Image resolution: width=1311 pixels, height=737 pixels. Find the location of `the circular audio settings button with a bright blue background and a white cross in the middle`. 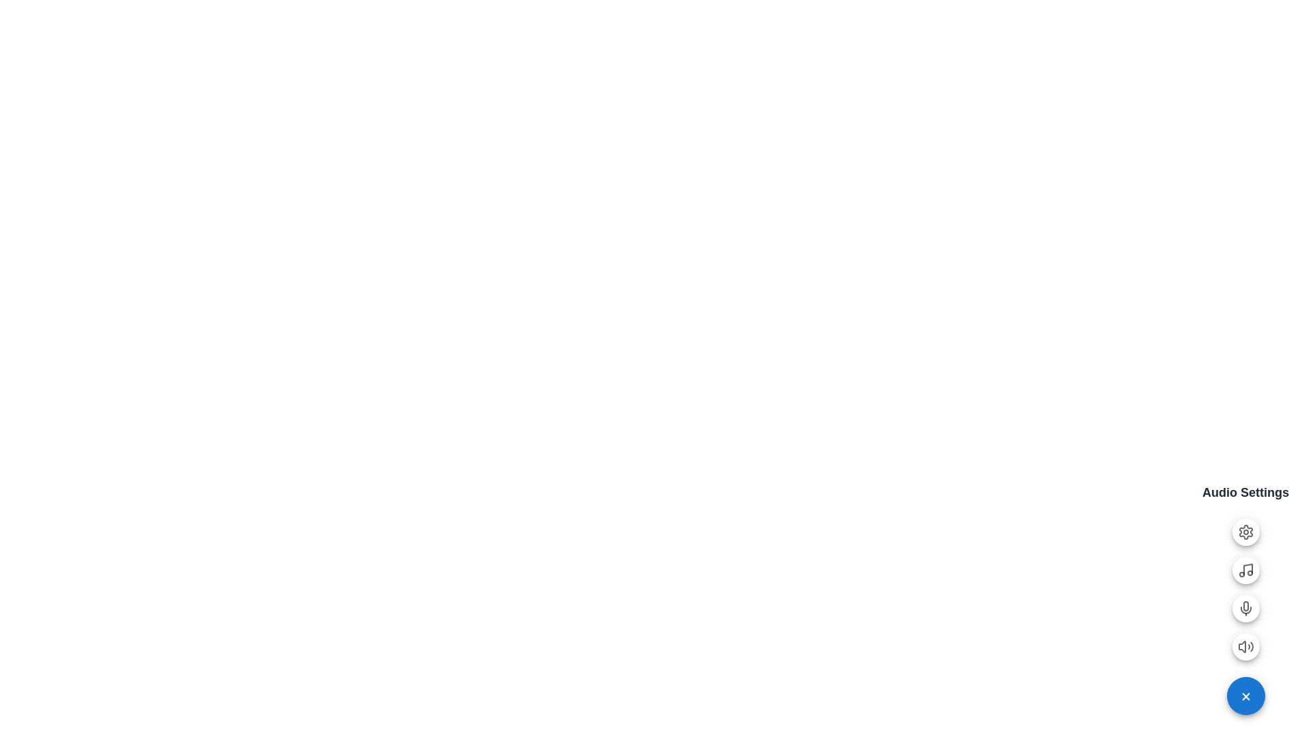

the circular audio settings button with a bright blue background and a white cross in the middle is located at coordinates (1245, 697).